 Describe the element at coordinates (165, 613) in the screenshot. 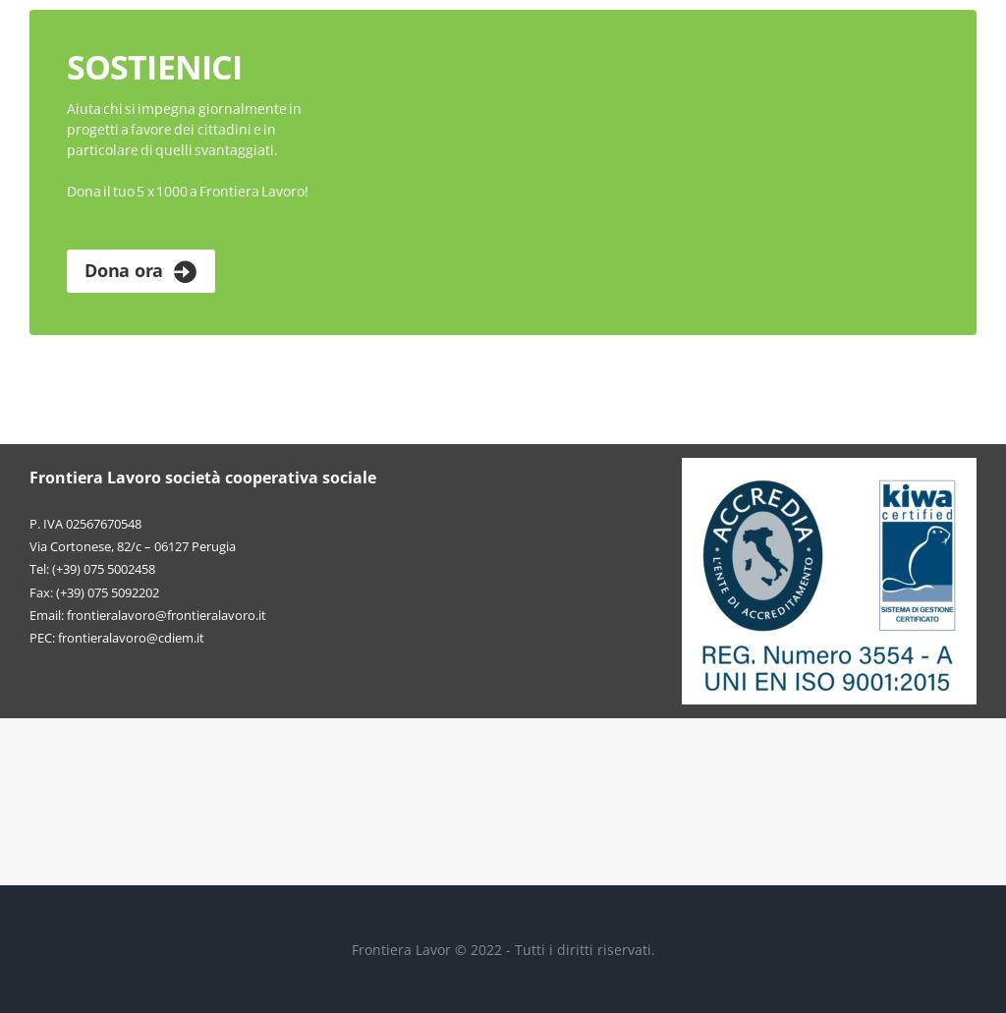

I see `'frontieralavoro@frontieralavoro.it'` at that location.